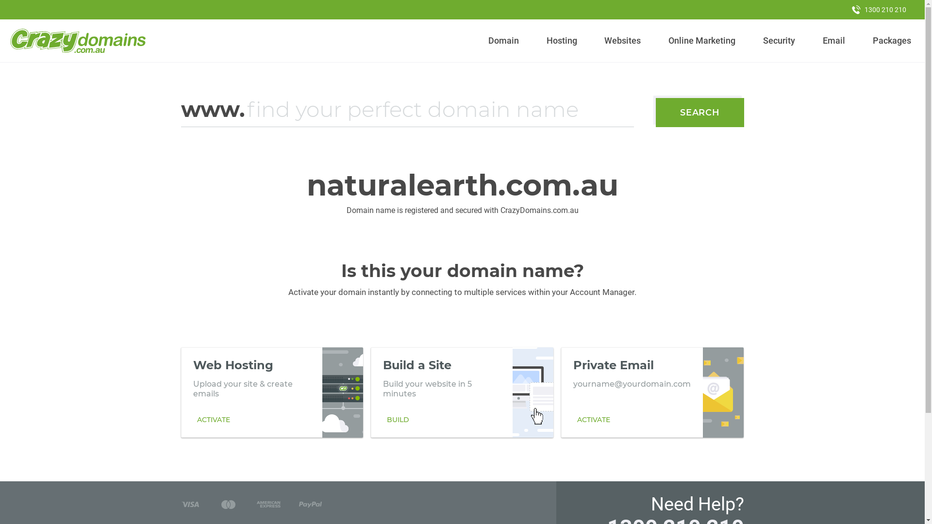 This screenshot has height=524, width=932. What do you see at coordinates (833, 40) in the screenshot?
I see `'Email'` at bounding box center [833, 40].